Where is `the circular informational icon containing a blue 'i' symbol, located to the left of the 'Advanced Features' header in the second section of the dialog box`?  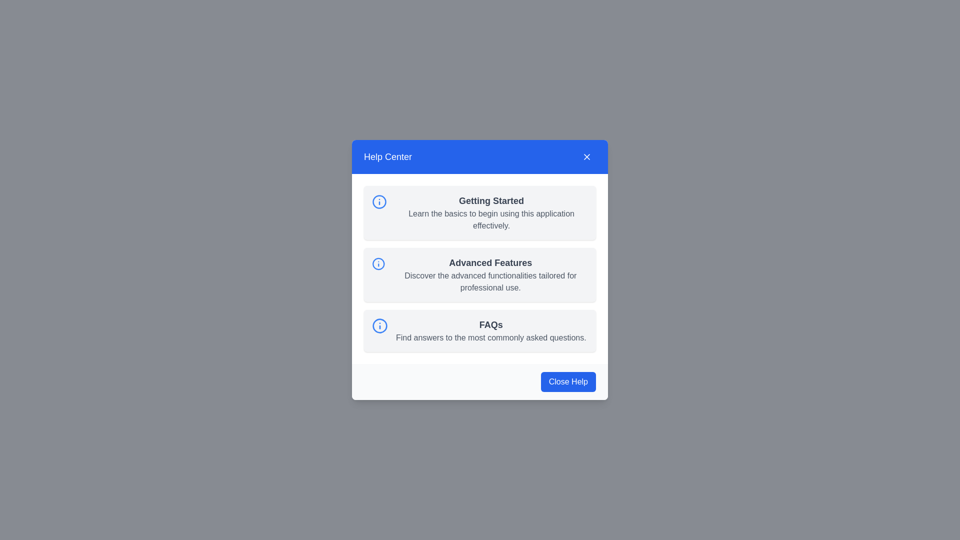 the circular informational icon containing a blue 'i' symbol, located to the left of the 'Advanced Features' header in the second section of the dialog box is located at coordinates (378, 263).